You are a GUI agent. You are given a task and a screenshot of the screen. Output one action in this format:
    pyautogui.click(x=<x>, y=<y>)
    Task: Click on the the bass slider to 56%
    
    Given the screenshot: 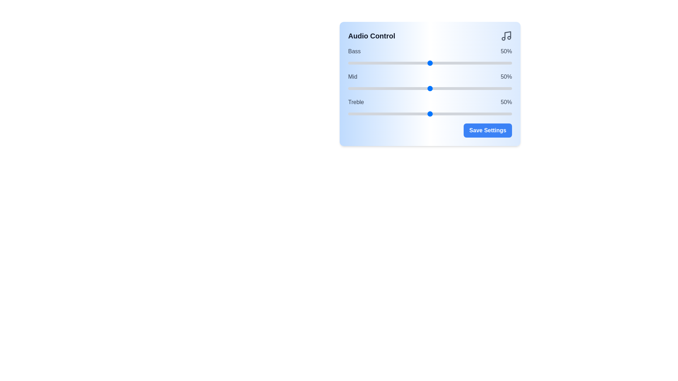 What is the action you would take?
    pyautogui.click(x=439, y=62)
    